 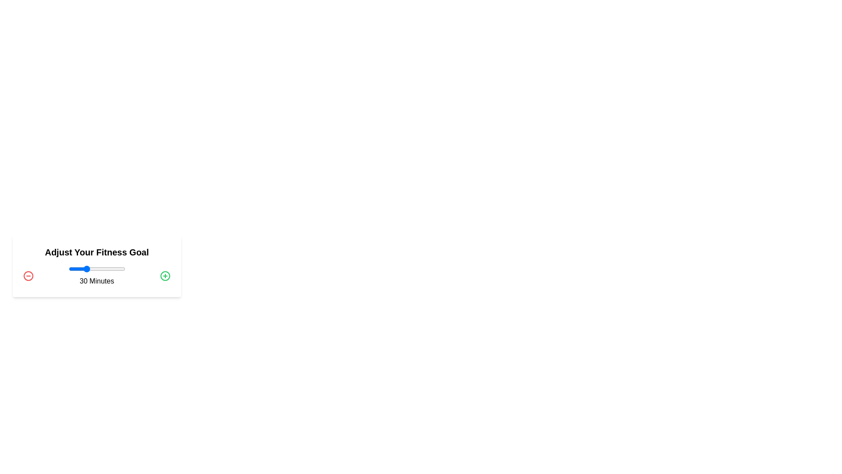 What do you see at coordinates (95, 269) in the screenshot?
I see `the slider` at bounding box center [95, 269].